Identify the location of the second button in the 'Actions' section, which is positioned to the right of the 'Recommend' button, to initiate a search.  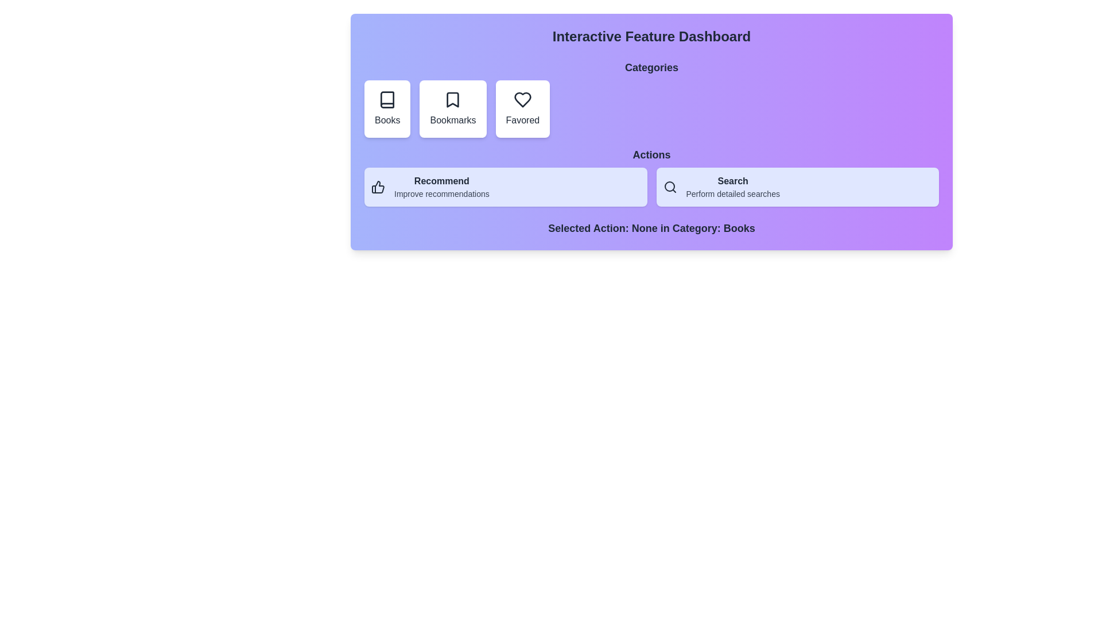
(797, 187).